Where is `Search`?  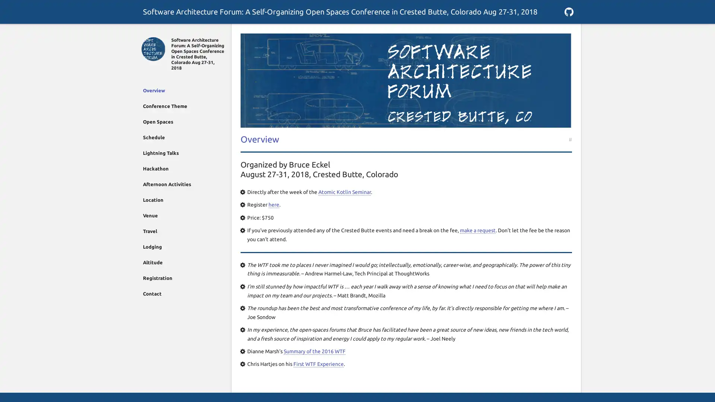
Search is located at coordinates (568, 32).